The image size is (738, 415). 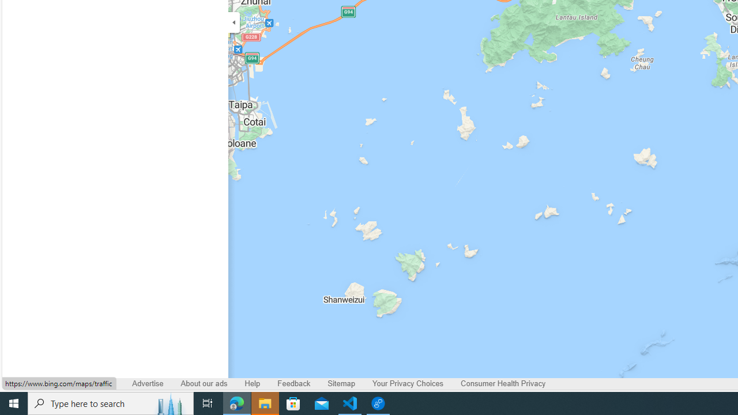 What do you see at coordinates (503, 384) in the screenshot?
I see `'Consumer Health Privacy'` at bounding box center [503, 384].